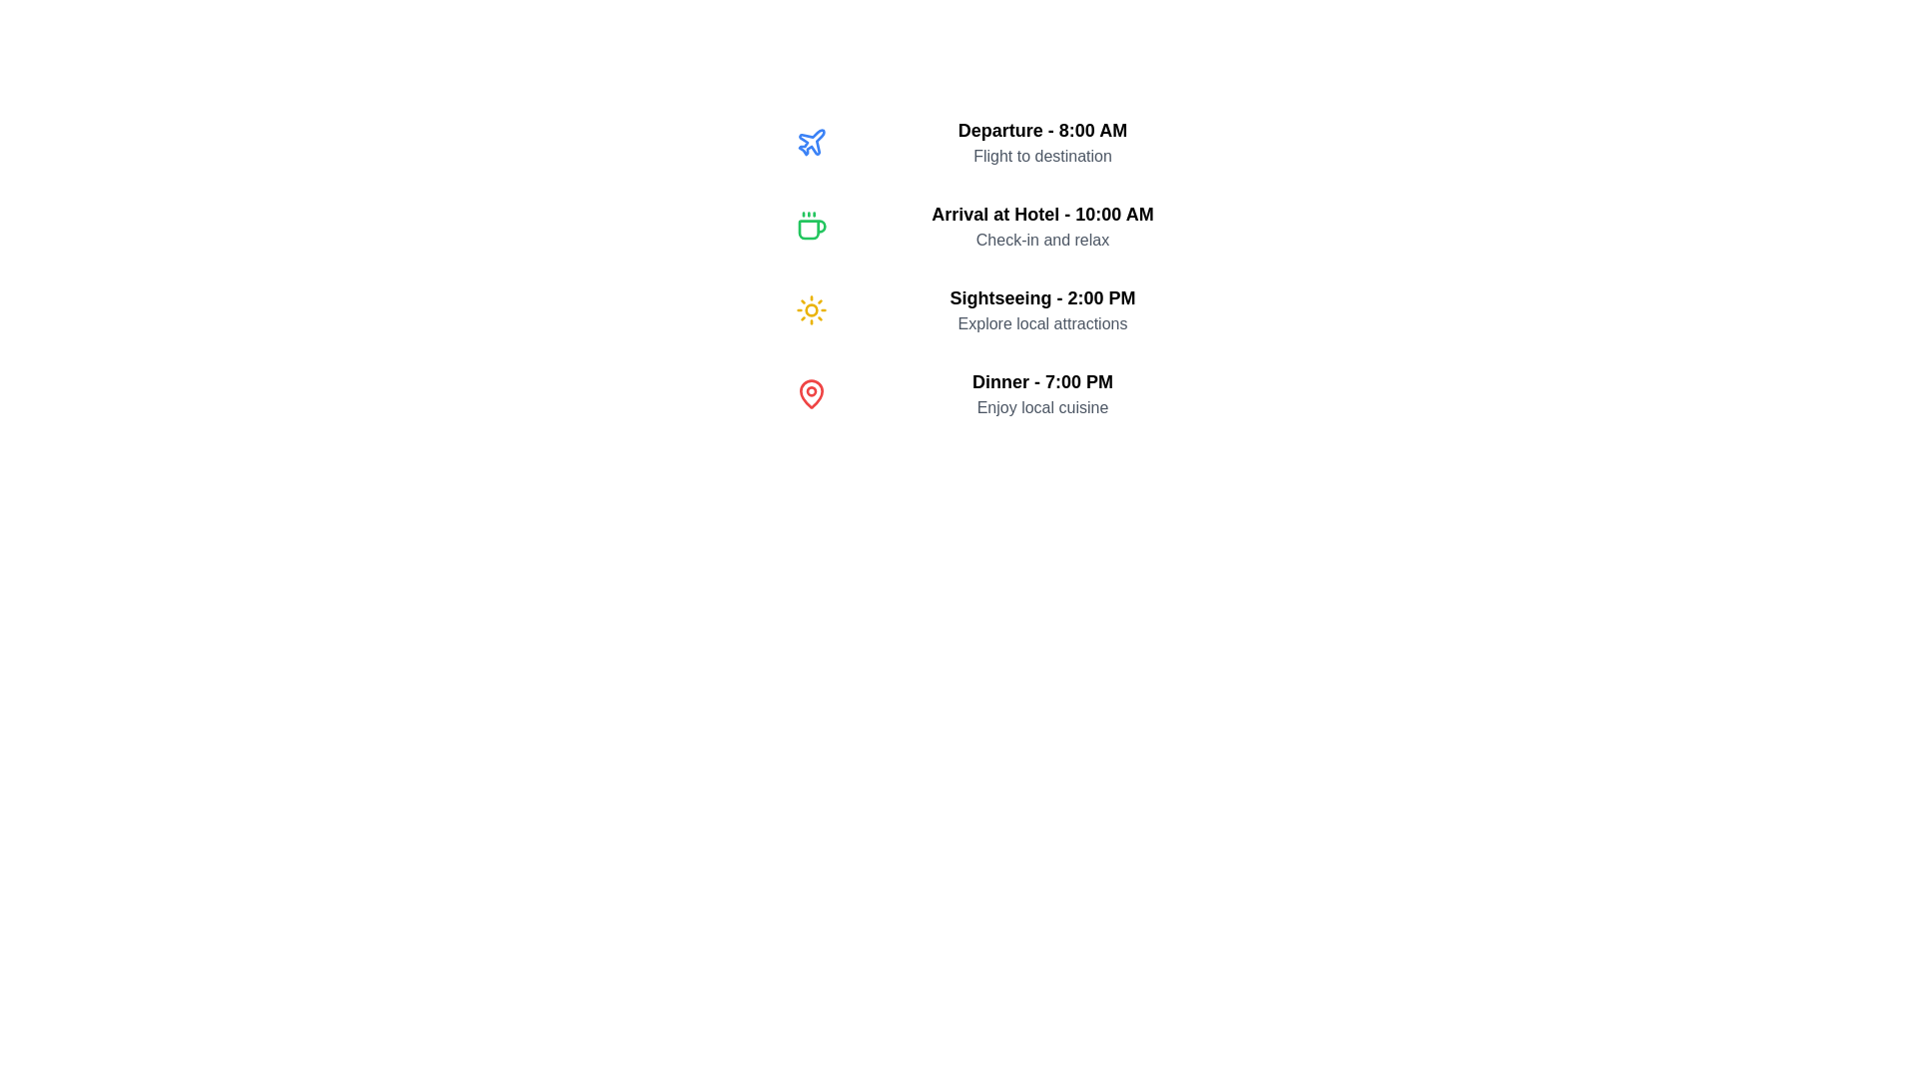 The height and width of the screenshot is (1078, 1917). What do you see at coordinates (1041, 393) in the screenshot?
I see `information displayed in the Text Block that provides details about the dinner event at 7:00 PM, located as the fourth item in the vertically stacked list of event items` at bounding box center [1041, 393].